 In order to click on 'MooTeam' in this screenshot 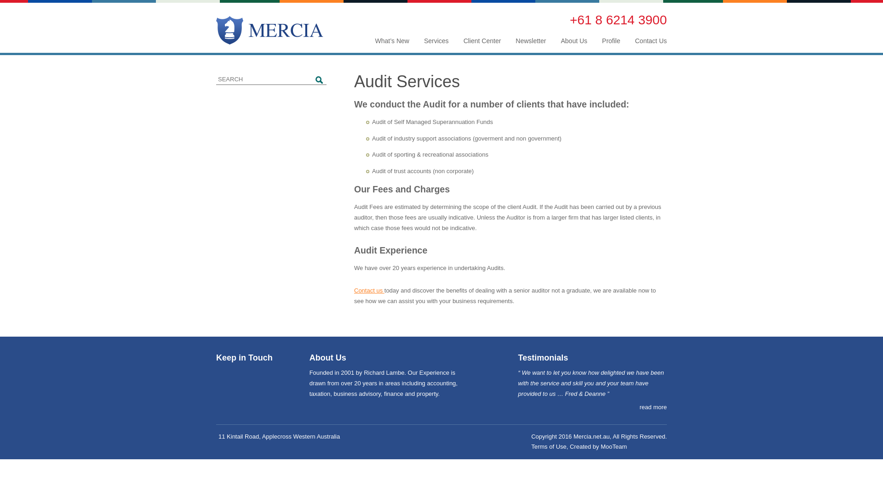, I will do `click(614, 446)`.